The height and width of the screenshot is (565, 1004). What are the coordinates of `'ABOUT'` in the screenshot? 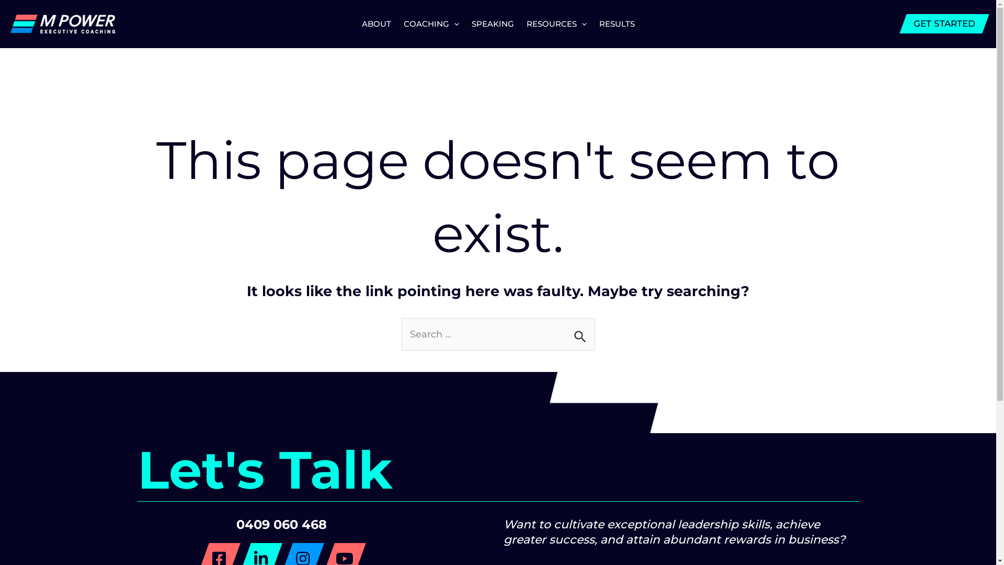 It's located at (376, 24).